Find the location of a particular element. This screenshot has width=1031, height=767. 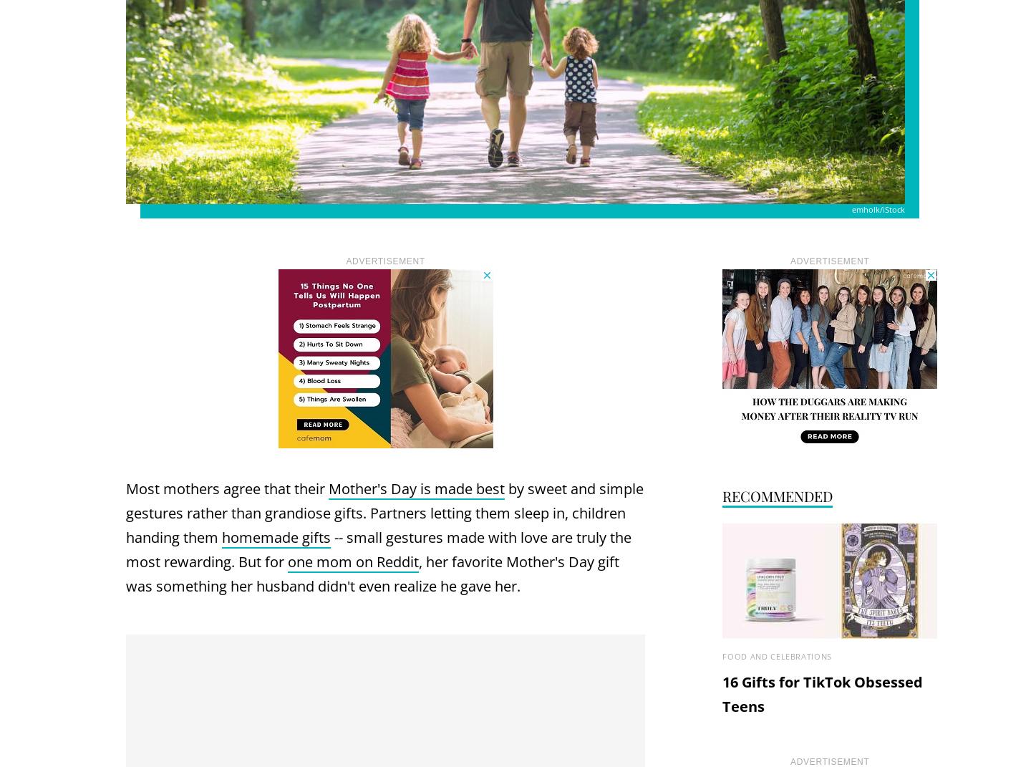

'16 Gifts for TikTok Obsessed Teens' is located at coordinates (822, 693).